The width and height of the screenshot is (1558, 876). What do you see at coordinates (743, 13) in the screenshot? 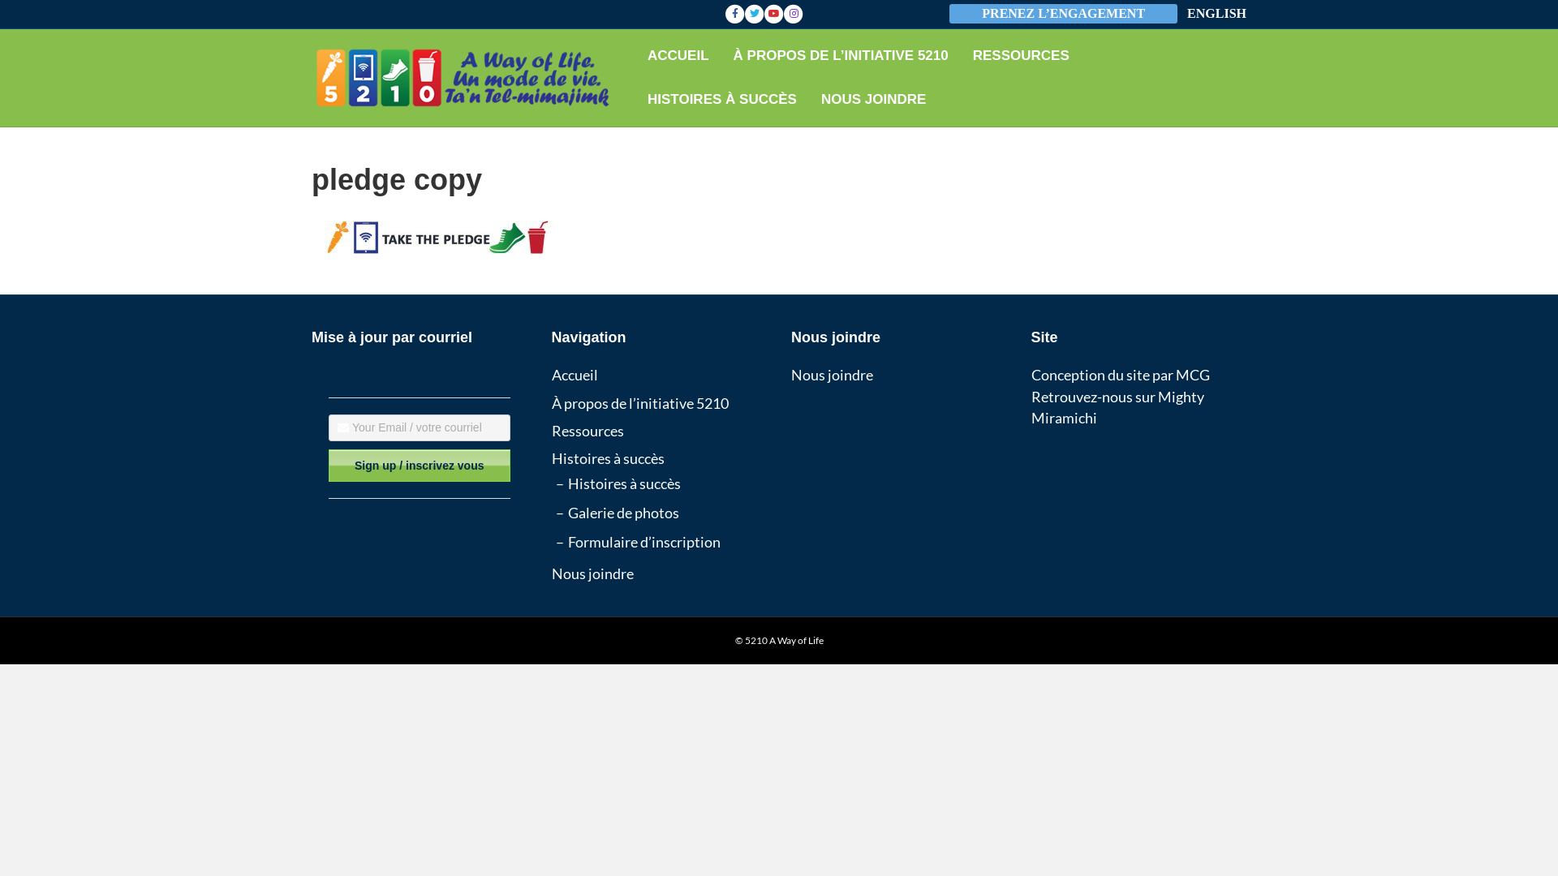
I see `'Twitter'` at bounding box center [743, 13].